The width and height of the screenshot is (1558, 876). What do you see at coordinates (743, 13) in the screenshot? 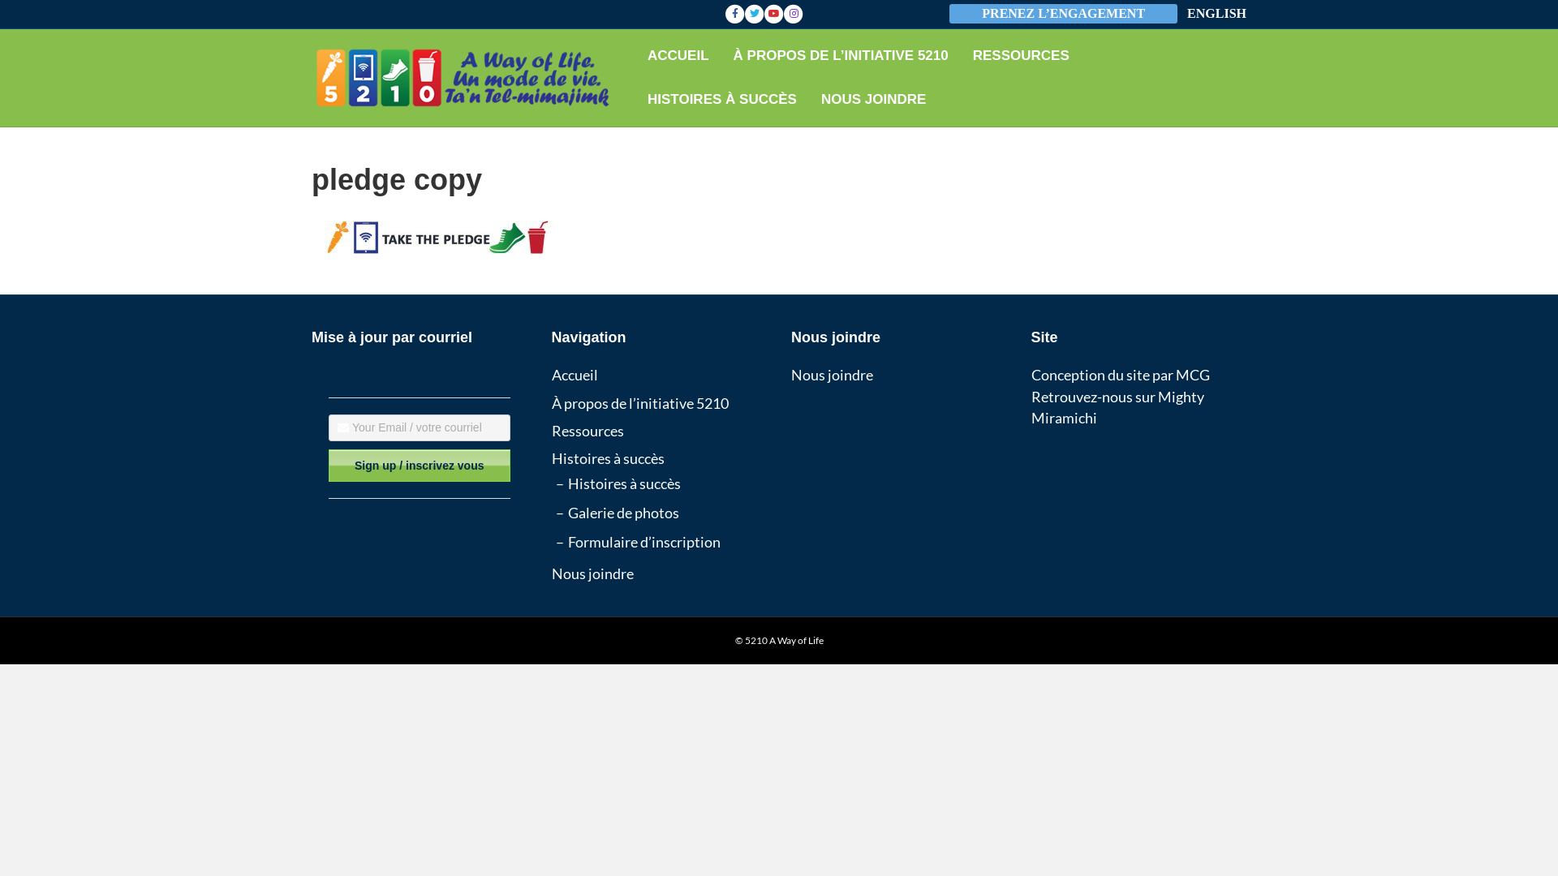
I see `'Twitter'` at bounding box center [743, 13].